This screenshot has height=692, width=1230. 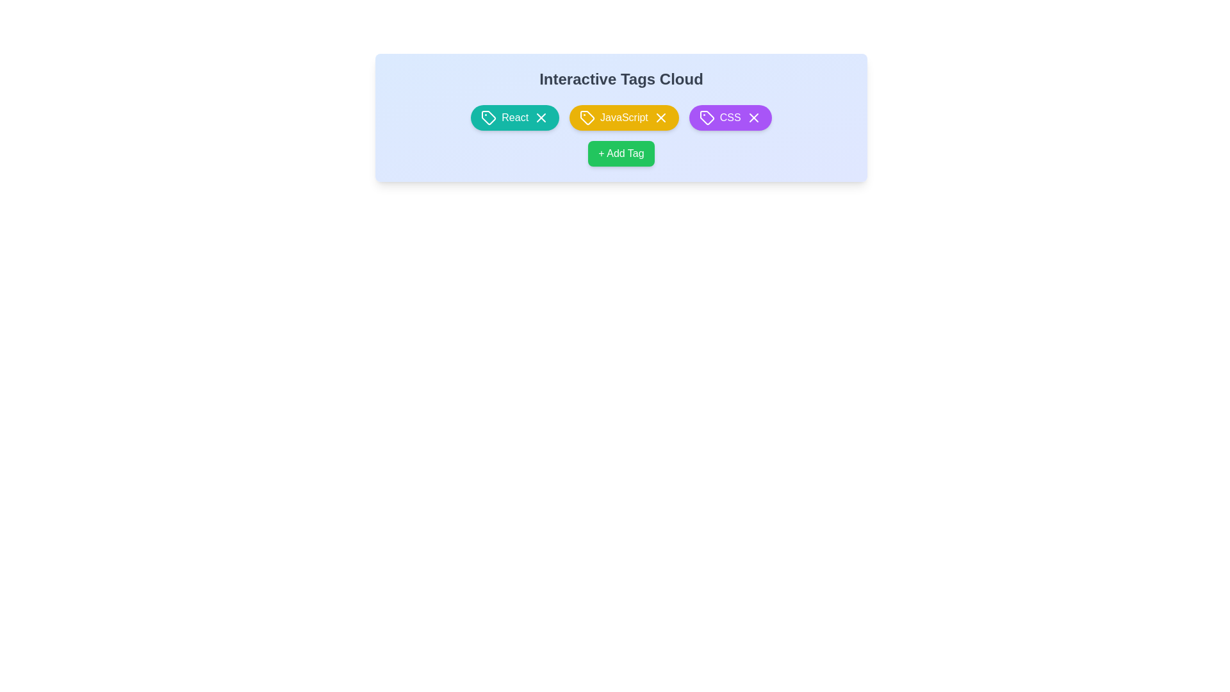 What do you see at coordinates (515, 118) in the screenshot?
I see `the tag with label React to inspect its color and label` at bounding box center [515, 118].